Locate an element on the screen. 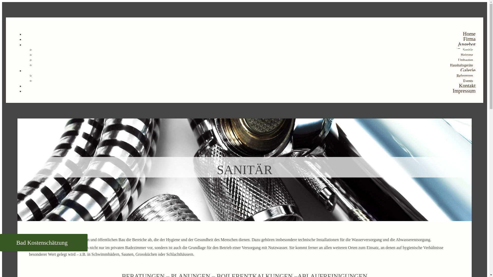  'Firma' is located at coordinates (469, 39).